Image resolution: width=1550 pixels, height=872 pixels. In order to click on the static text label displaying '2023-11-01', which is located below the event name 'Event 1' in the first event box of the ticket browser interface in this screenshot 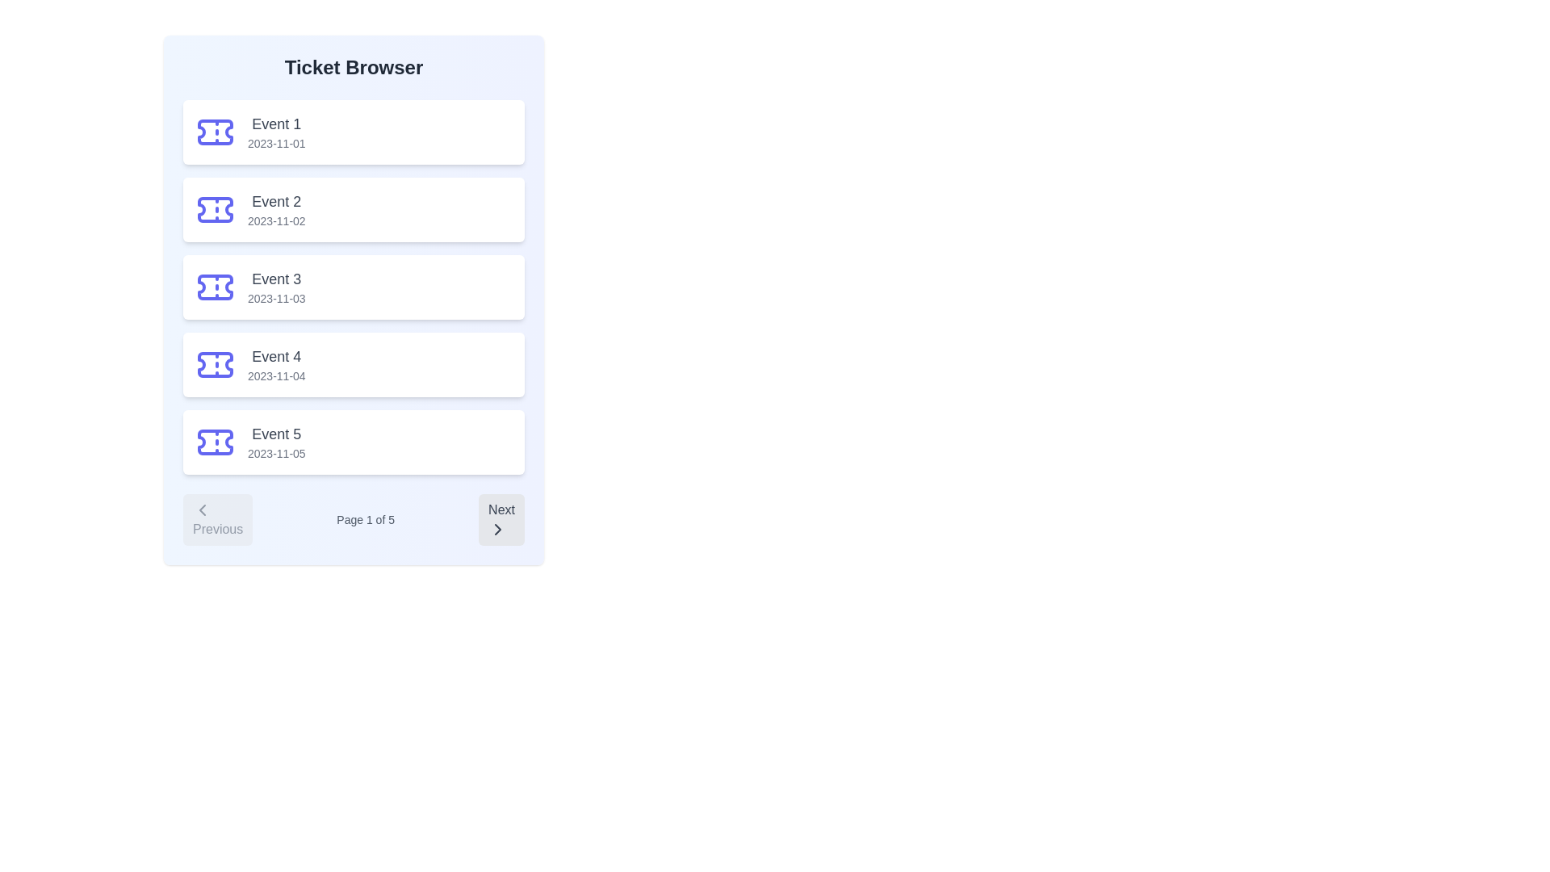, I will do `click(276, 142)`.